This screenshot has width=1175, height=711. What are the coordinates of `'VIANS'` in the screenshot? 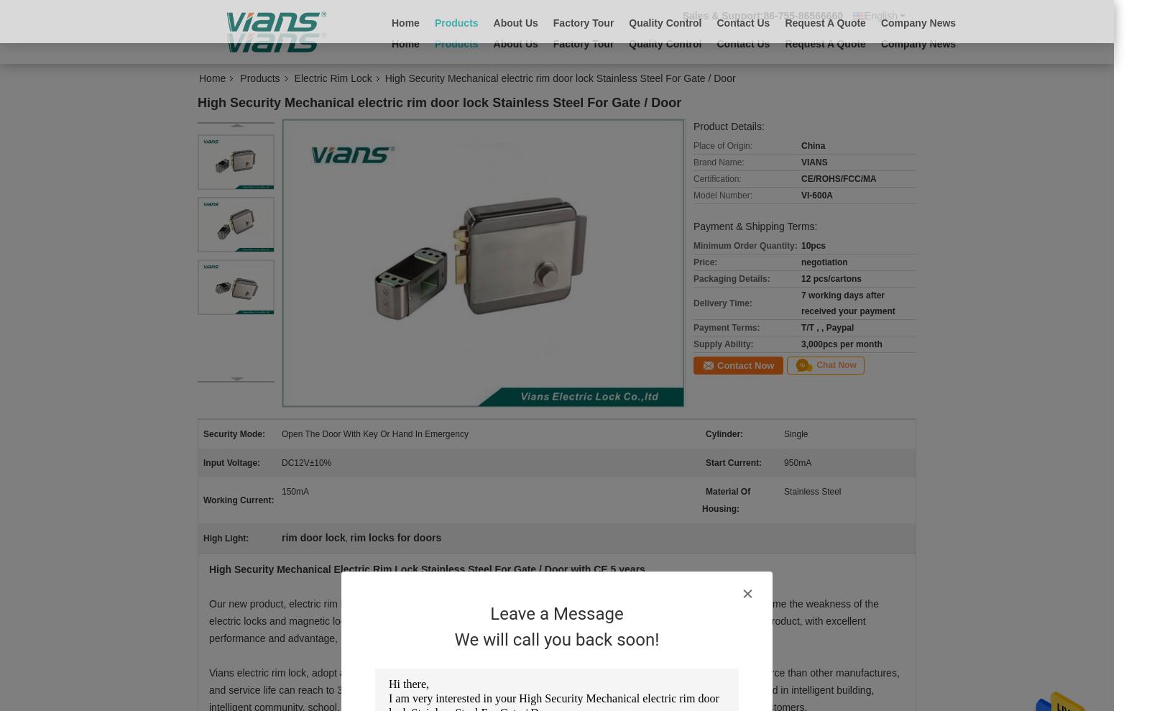 It's located at (814, 161).